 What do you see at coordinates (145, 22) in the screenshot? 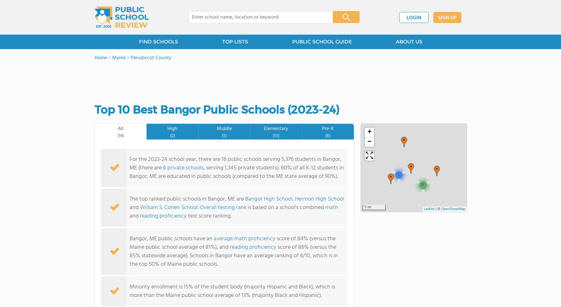
I see `'Downeast School'` at bounding box center [145, 22].